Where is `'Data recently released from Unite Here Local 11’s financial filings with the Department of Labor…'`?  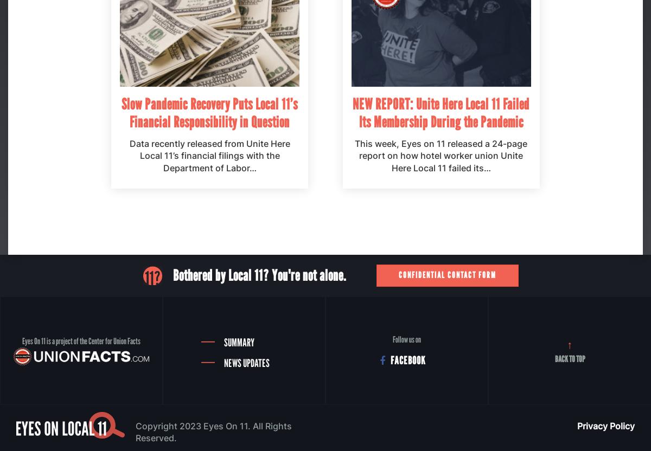
'Data recently released from Unite Here Local 11’s financial filings with the Department of Labor…' is located at coordinates (209, 154).